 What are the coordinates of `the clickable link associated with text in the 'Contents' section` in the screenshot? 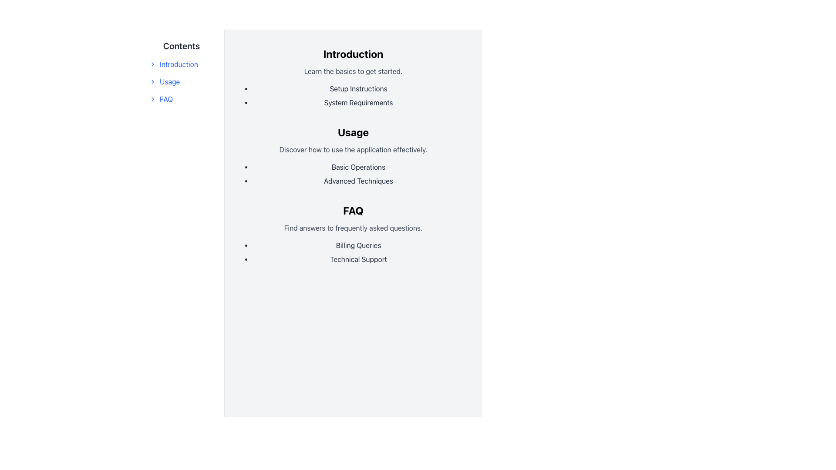 It's located at (181, 64).